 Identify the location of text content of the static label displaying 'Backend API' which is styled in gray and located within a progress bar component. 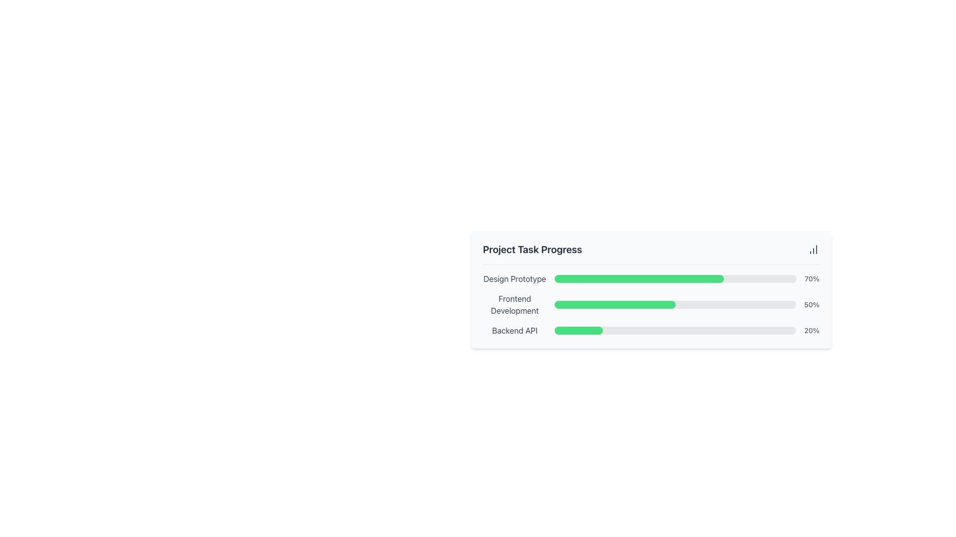
(514, 330).